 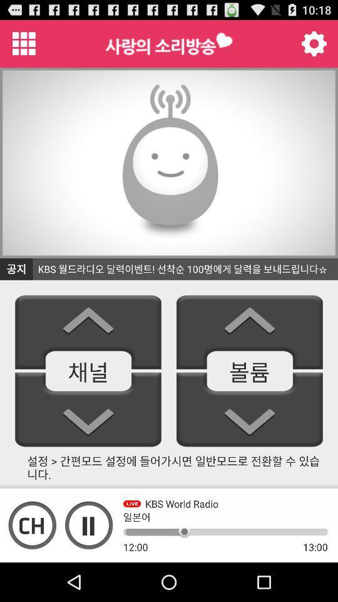 I want to click on the pause icon, so click(x=88, y=561).